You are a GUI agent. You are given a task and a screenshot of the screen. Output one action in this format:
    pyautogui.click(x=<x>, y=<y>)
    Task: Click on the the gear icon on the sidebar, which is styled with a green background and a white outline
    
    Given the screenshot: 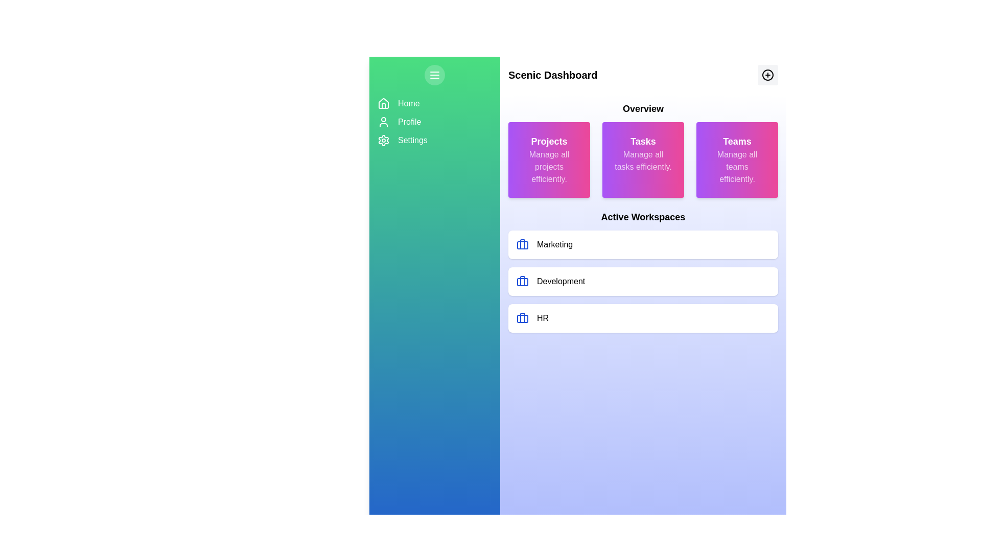 What is the action you would take?
    pyautogui.click(x=383, y=140)
    